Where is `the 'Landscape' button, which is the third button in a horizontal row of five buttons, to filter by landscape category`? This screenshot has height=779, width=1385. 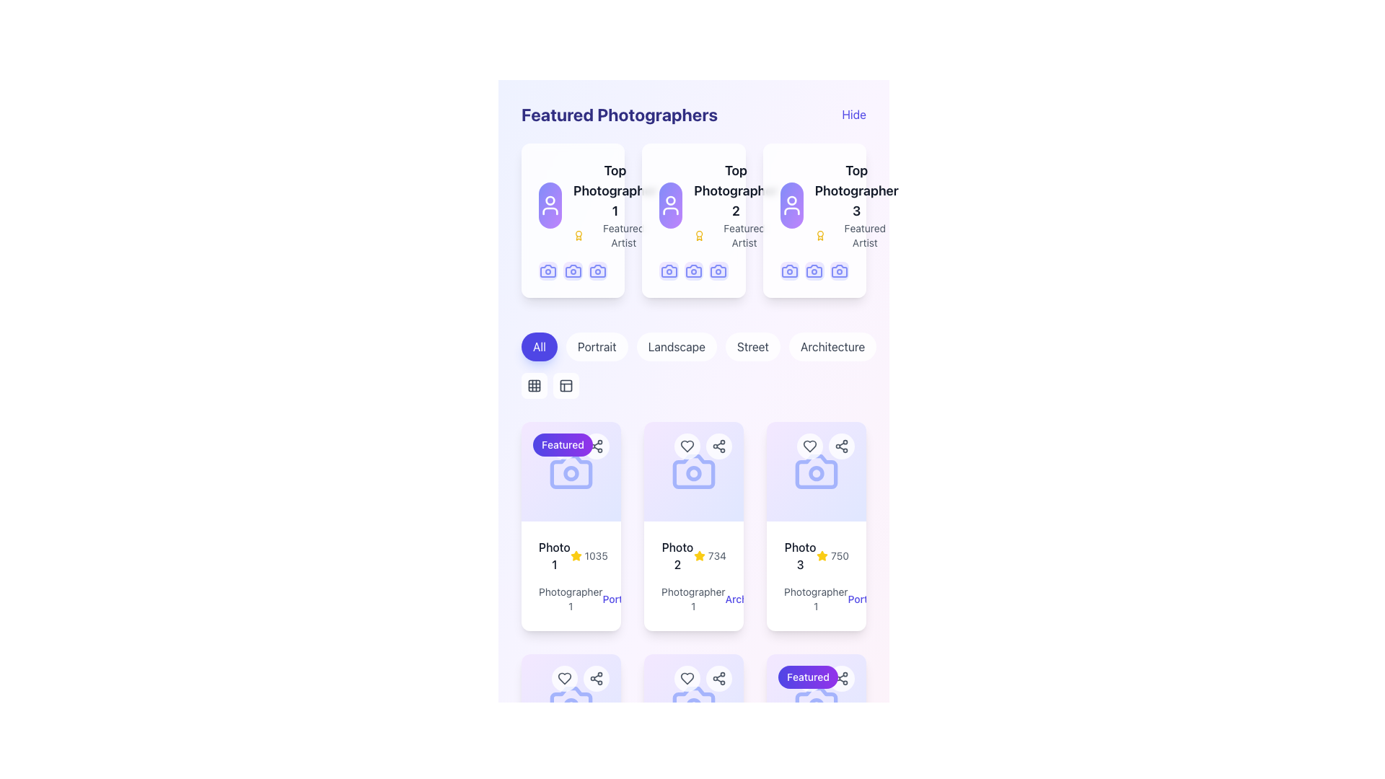
the 'Landscape' button, which is the third button in a horizontal row of five buttons, to filter by landscape category is located at coordinates (676, 347).